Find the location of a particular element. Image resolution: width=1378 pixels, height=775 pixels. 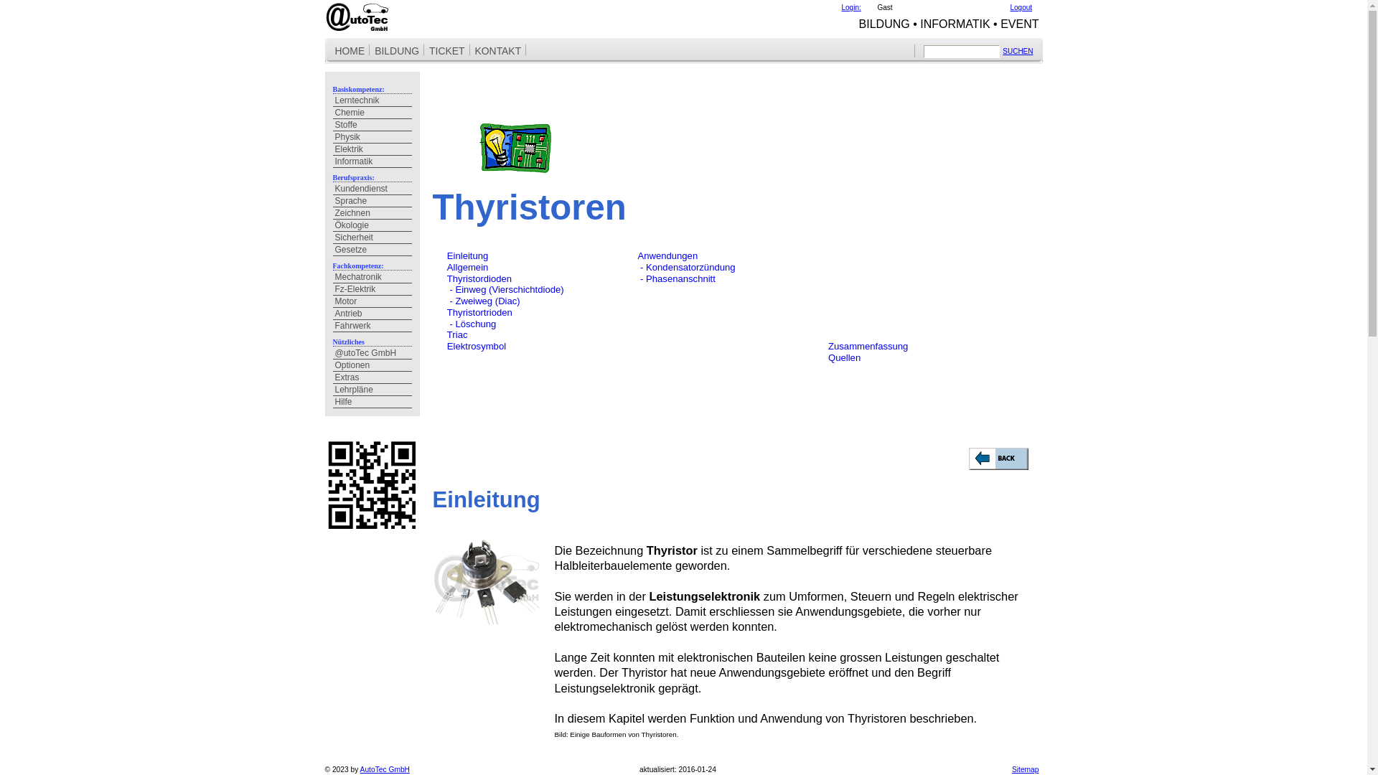

'Optionen' is located at coordinates (372, 365).